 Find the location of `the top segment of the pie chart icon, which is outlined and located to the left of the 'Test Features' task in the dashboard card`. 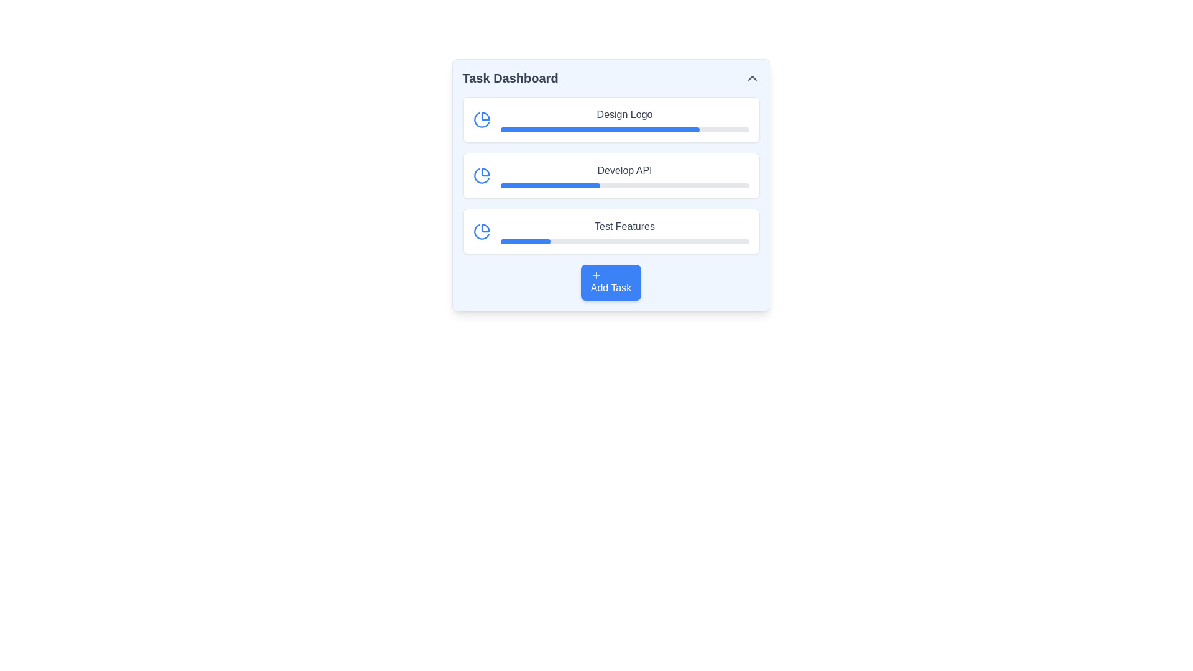

the top segment of the pie chart icon, which is outlined and located to the left of the 'Test Features' task in the dashboard card is located at coordinates (485, 228).